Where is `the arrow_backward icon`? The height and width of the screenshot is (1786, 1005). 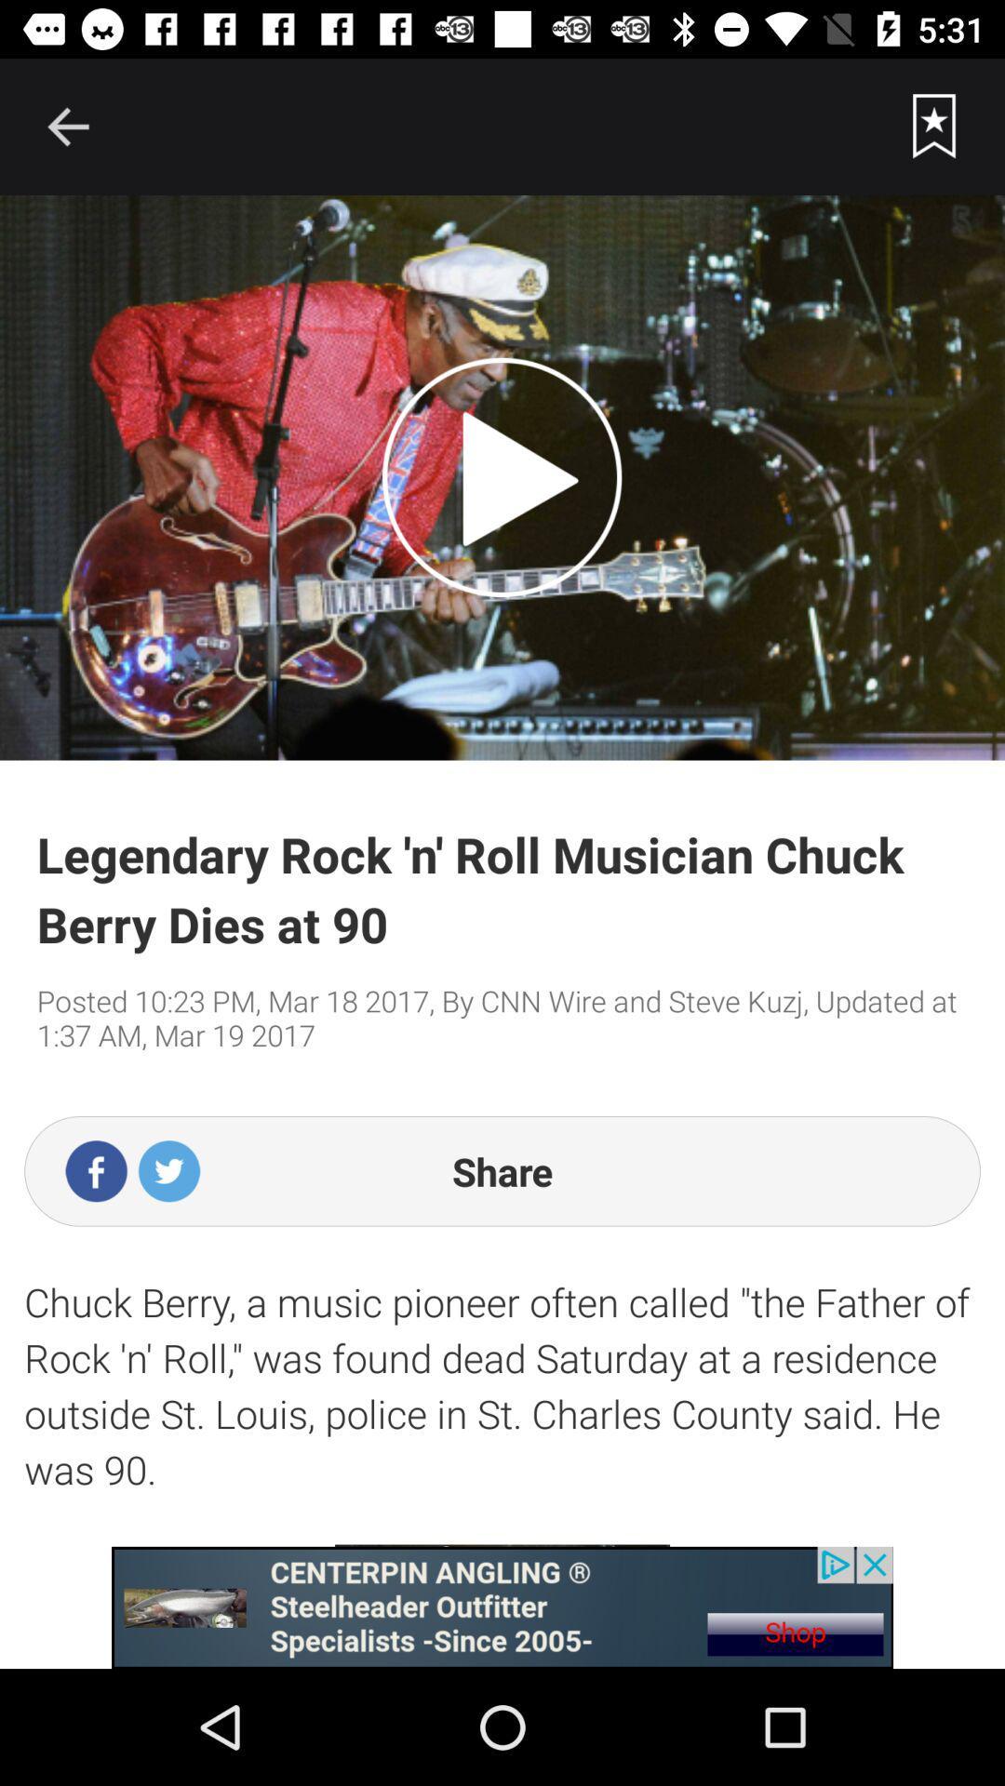
the arrow_backward icon is located at coordinates (67, 126).